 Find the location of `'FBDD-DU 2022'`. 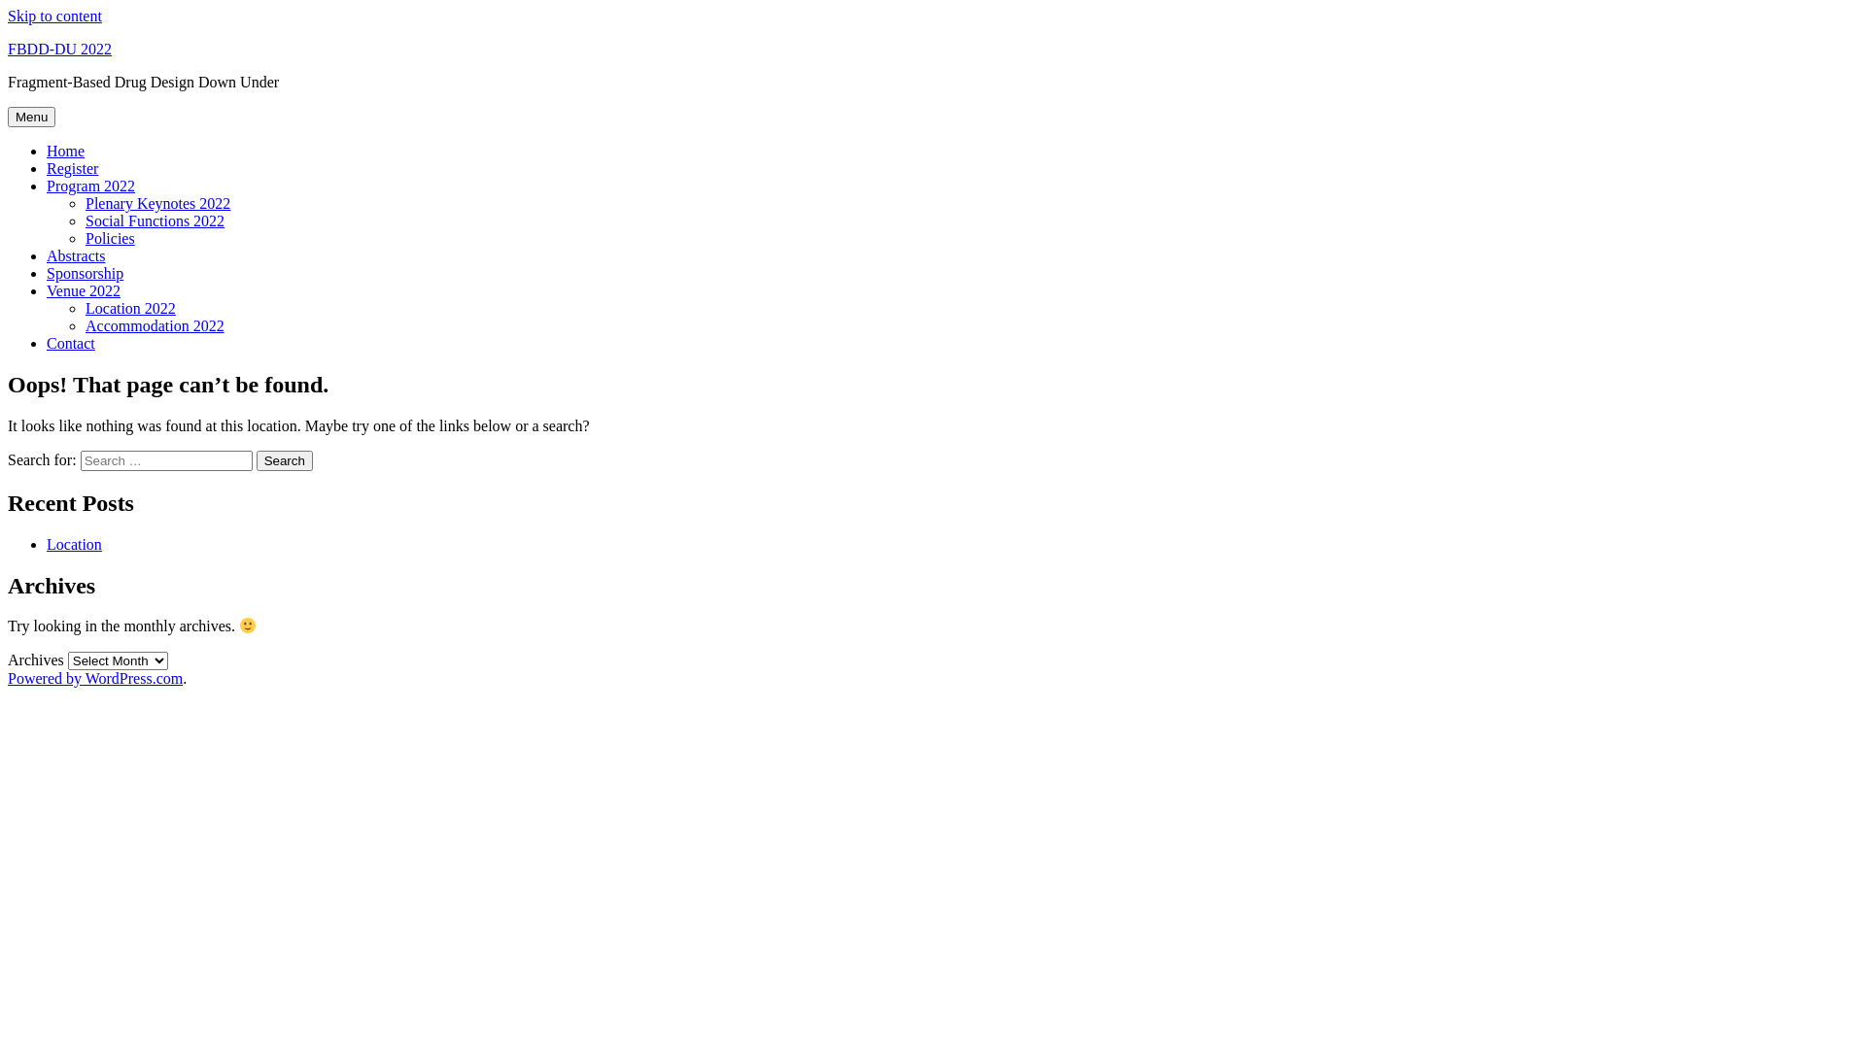

'FBDD-DU 2022' is located at coordinates (8, 48).